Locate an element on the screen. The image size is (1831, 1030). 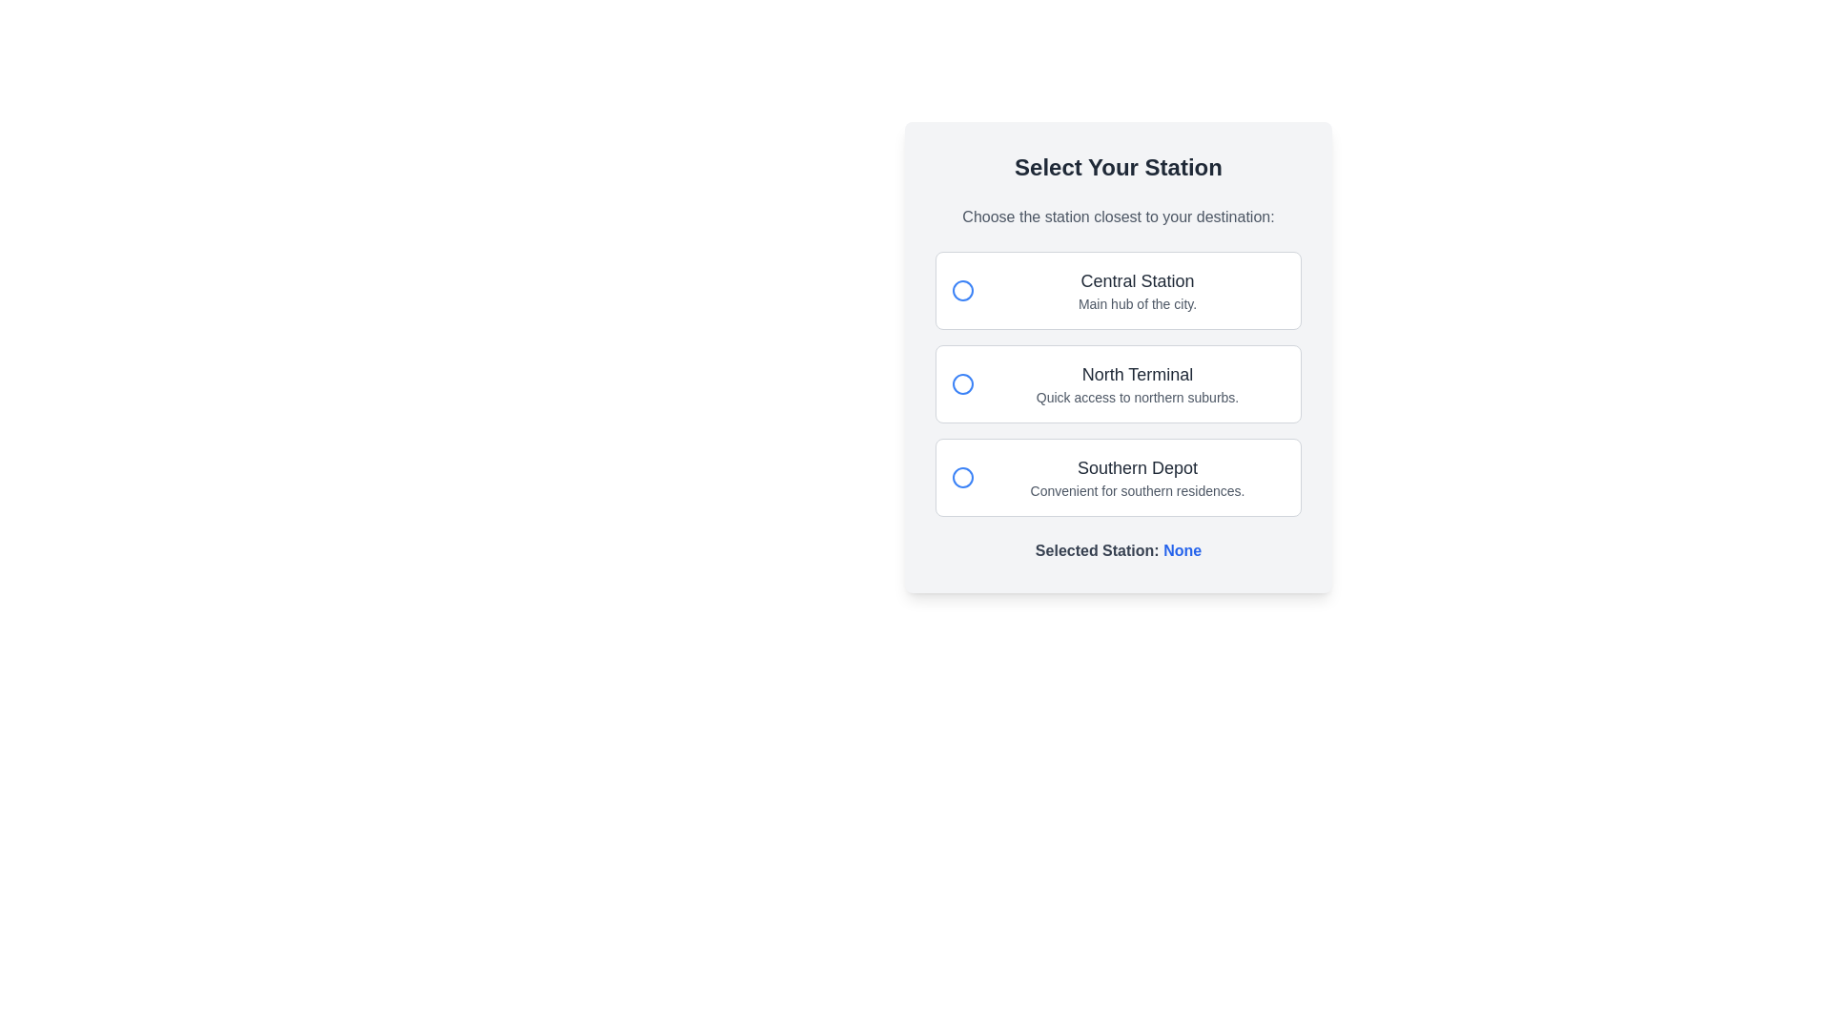
the static text card titled 'Central Station' which is the first card in a vertical list, featuring a gray border and rounded edges is located at coordinates (1138, 290).